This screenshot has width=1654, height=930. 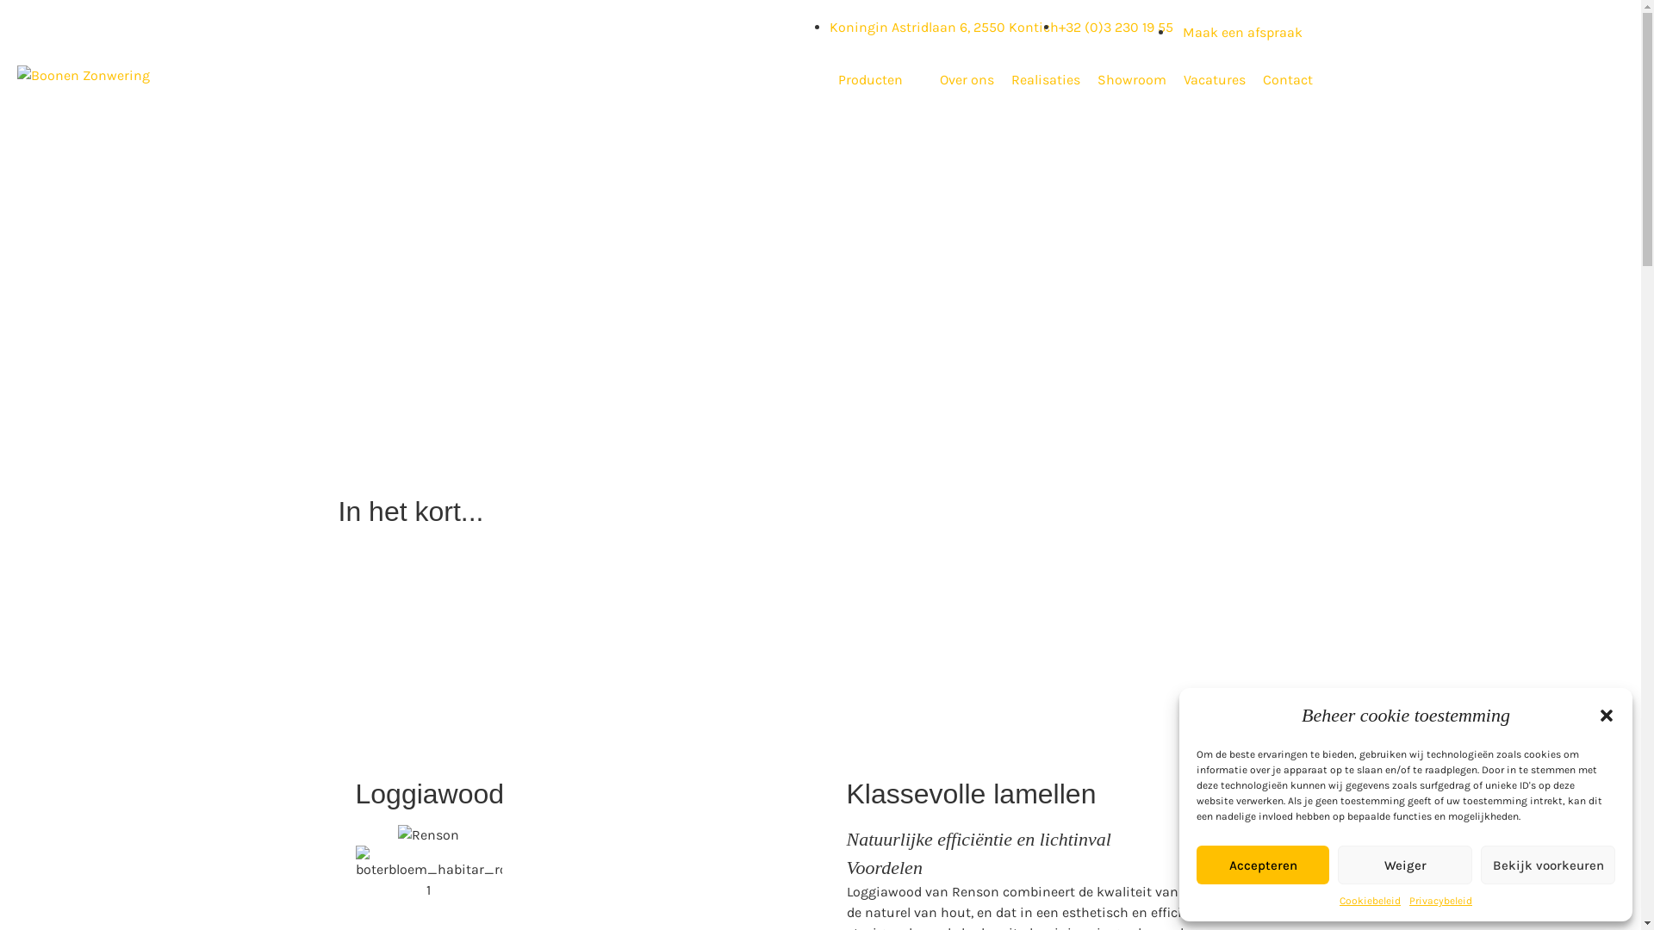 What do you see at coordinates (869, 79) in the screenshot?
I see `'Producten'` at bounding box center [869, 79].